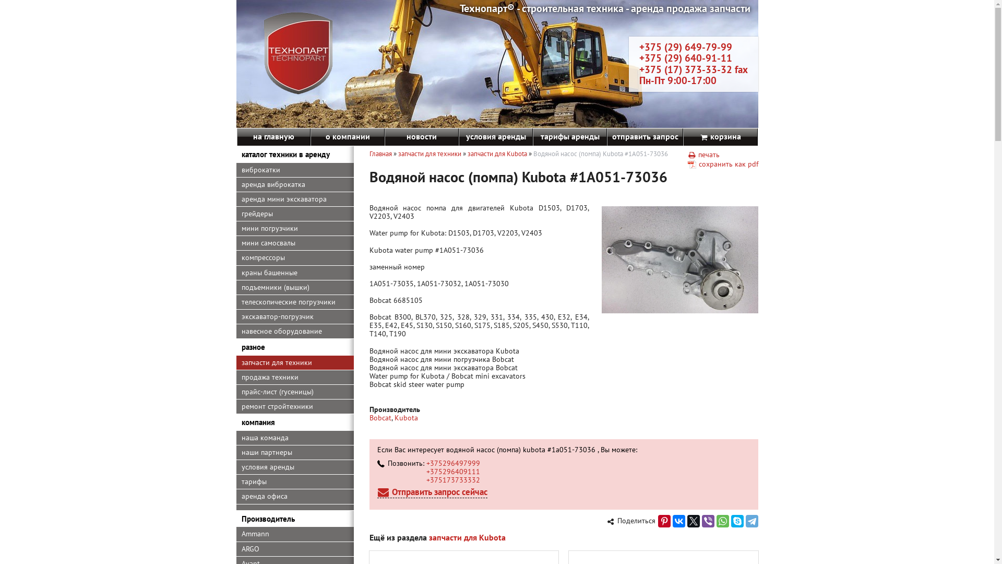  I want to click on '+375 (29) 649-79-99', so click(685, 46).